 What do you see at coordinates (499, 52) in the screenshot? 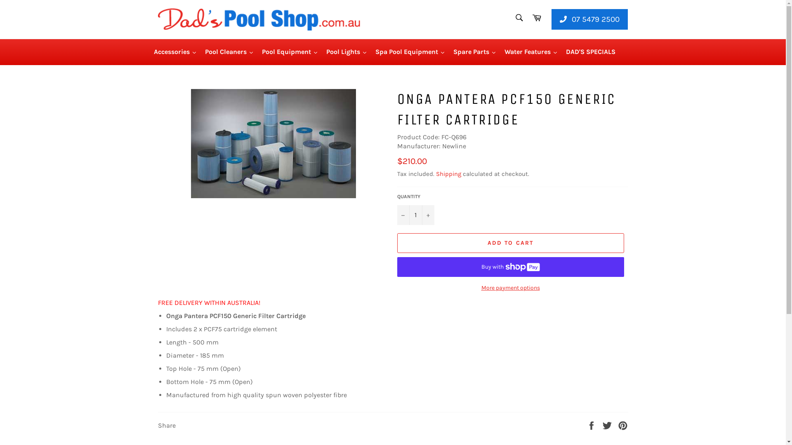
I see `'Water Features'` at bounding box center [499, 52].